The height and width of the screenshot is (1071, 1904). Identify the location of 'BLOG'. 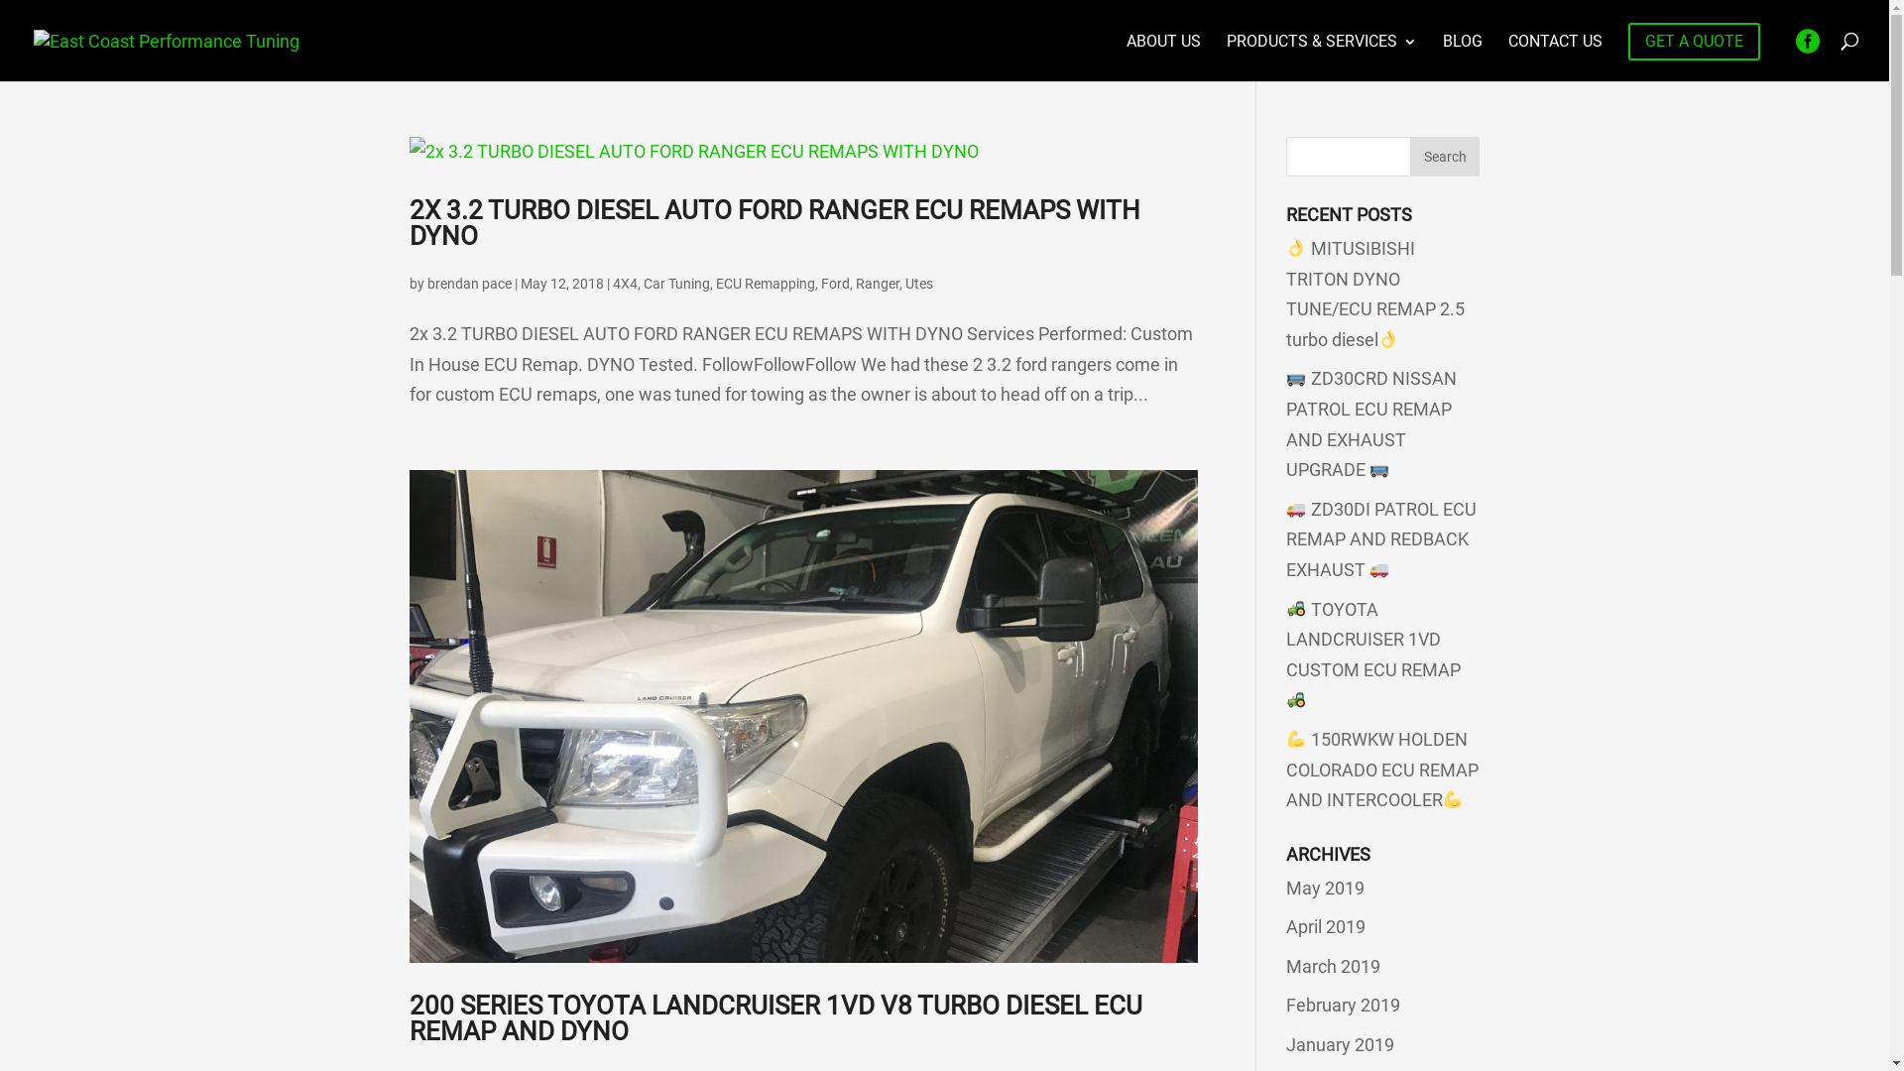
(1462, 57).